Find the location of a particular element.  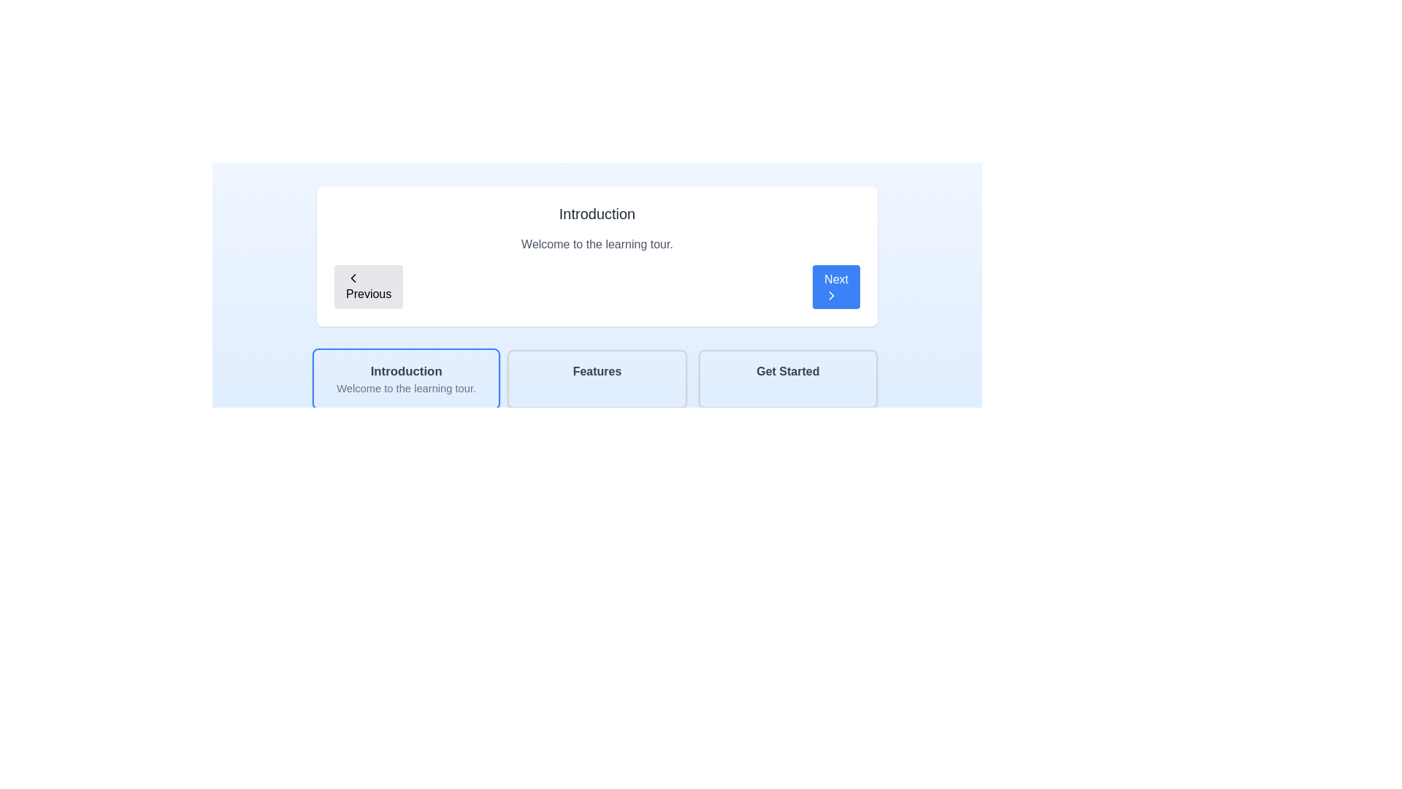

the 'Get Started' label text element, which is a non-interactive label in bold gray font, centrally aligned within a rectangular button at the bottom-right corner of the interface is located at coordinates (787, 371).